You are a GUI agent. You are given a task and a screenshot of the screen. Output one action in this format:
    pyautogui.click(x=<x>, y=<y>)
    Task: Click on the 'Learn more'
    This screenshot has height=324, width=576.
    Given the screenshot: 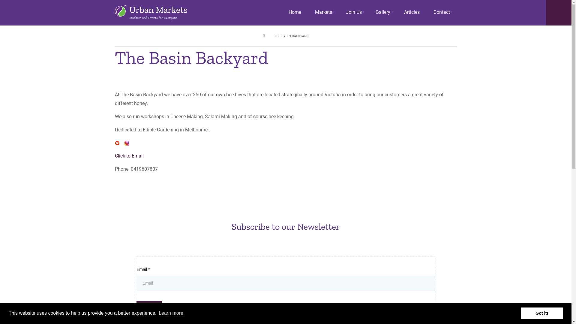 What is the action you would take?
    pyautogui.click(x=171, y=313)
    